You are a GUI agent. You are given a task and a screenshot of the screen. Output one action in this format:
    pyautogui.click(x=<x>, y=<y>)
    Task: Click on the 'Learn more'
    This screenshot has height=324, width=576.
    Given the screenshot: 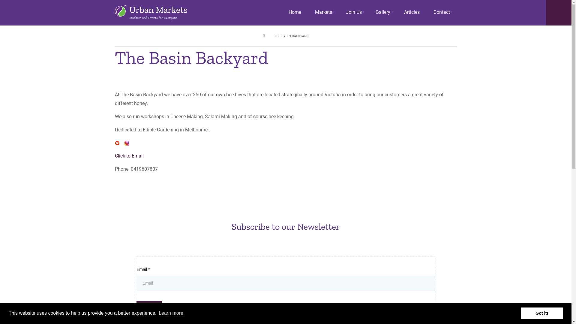 What is the action you would take?
    pyautogui.click(x=171, y=313)
    